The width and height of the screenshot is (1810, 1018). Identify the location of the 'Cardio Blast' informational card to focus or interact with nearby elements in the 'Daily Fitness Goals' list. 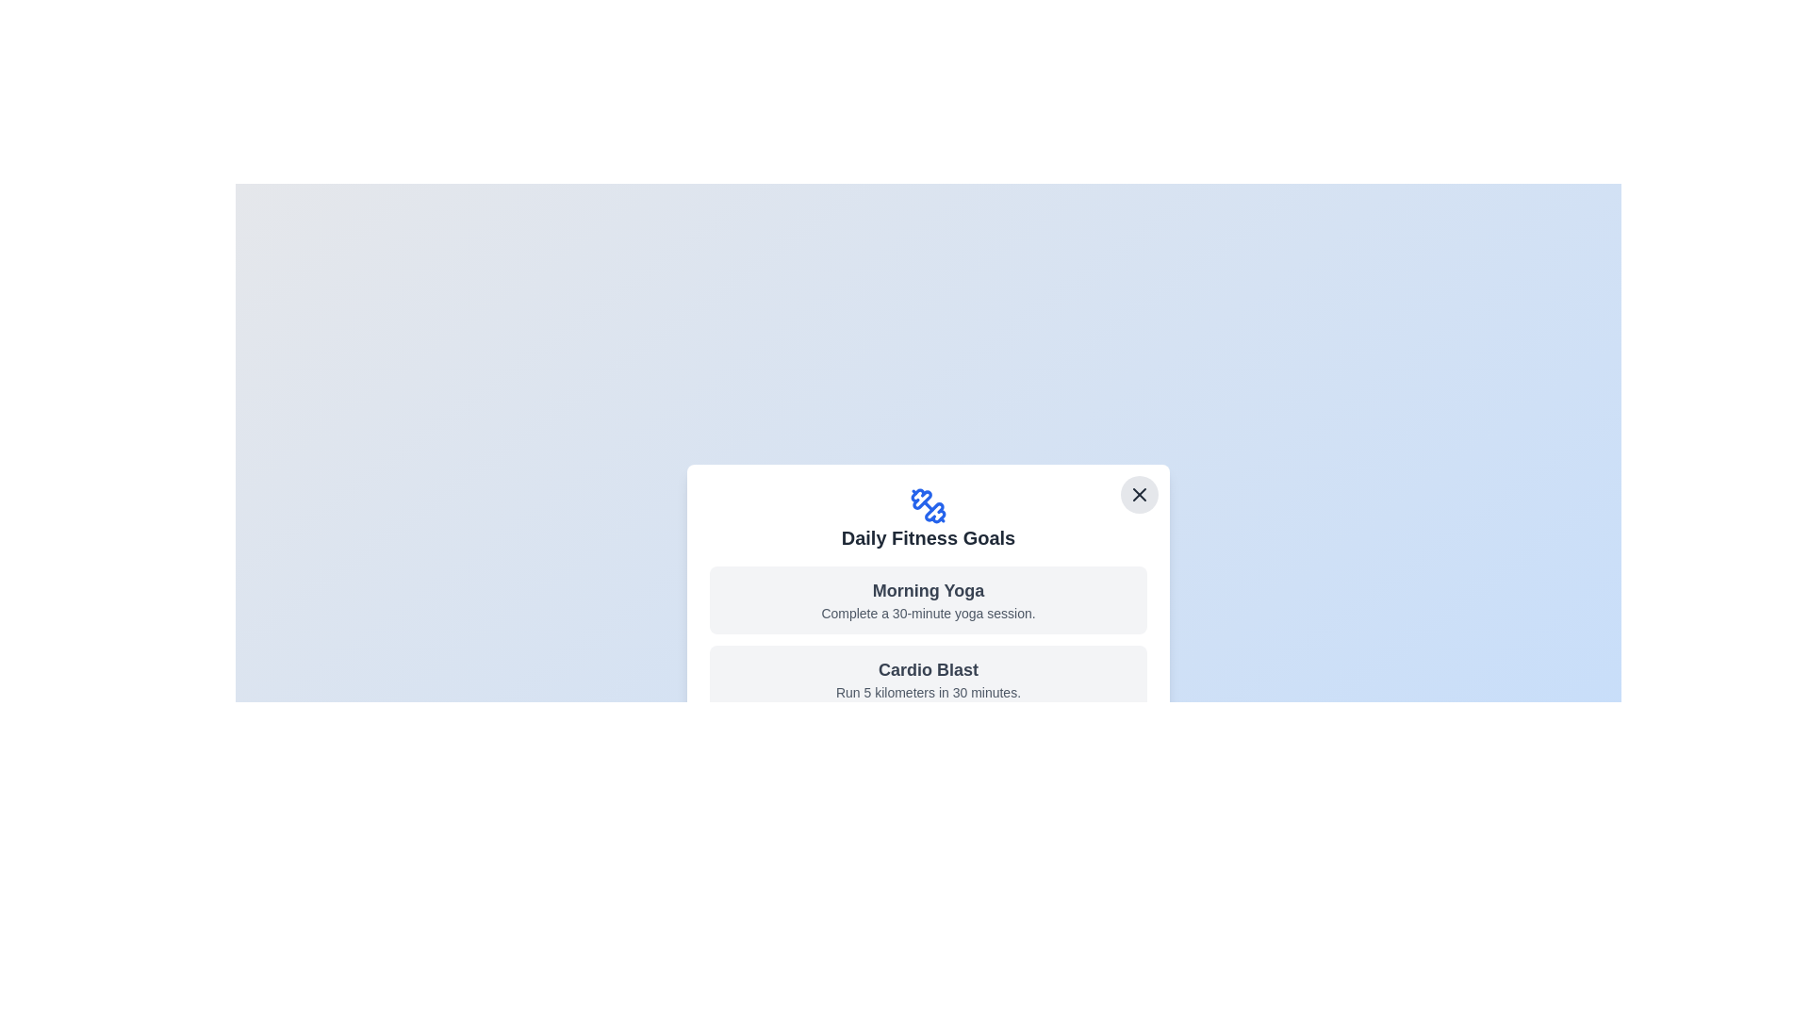
(928, 680).